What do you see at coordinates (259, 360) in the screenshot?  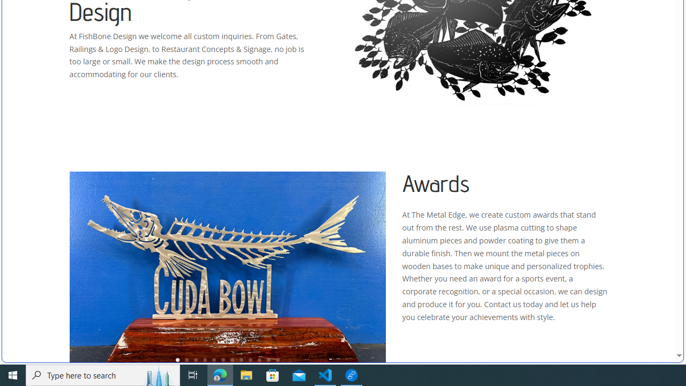 I see `'10'` at bounding box center [259, 360].